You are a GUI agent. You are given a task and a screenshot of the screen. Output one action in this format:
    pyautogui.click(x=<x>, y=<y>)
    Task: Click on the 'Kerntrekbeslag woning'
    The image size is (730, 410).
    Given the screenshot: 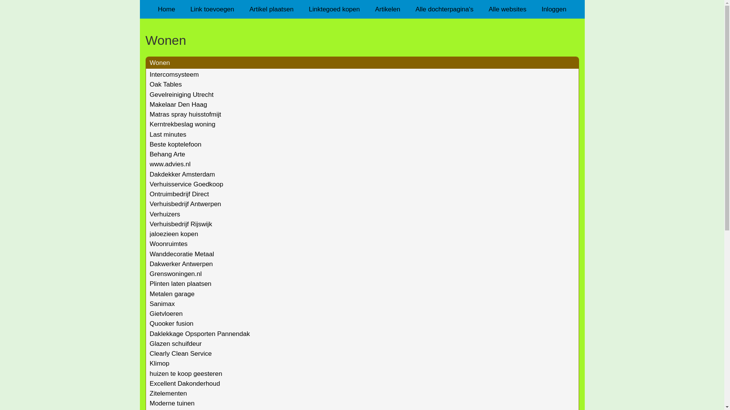 What is the action you would take?
    pyautogui.click(x=182, y=124)
    